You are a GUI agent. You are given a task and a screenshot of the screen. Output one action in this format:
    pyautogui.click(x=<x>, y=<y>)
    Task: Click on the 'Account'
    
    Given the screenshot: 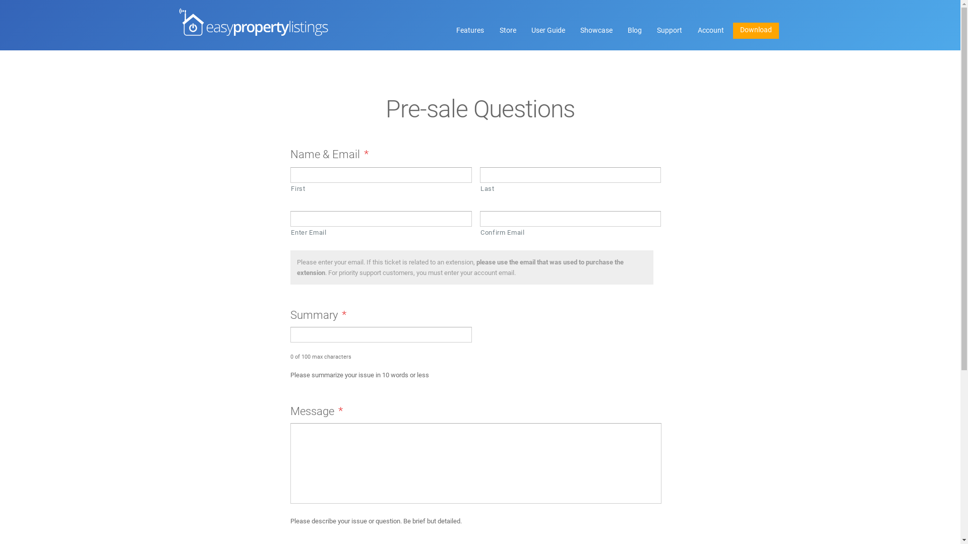 What is the action you would take?
    pyautogui.click(x=710, y=30)
    